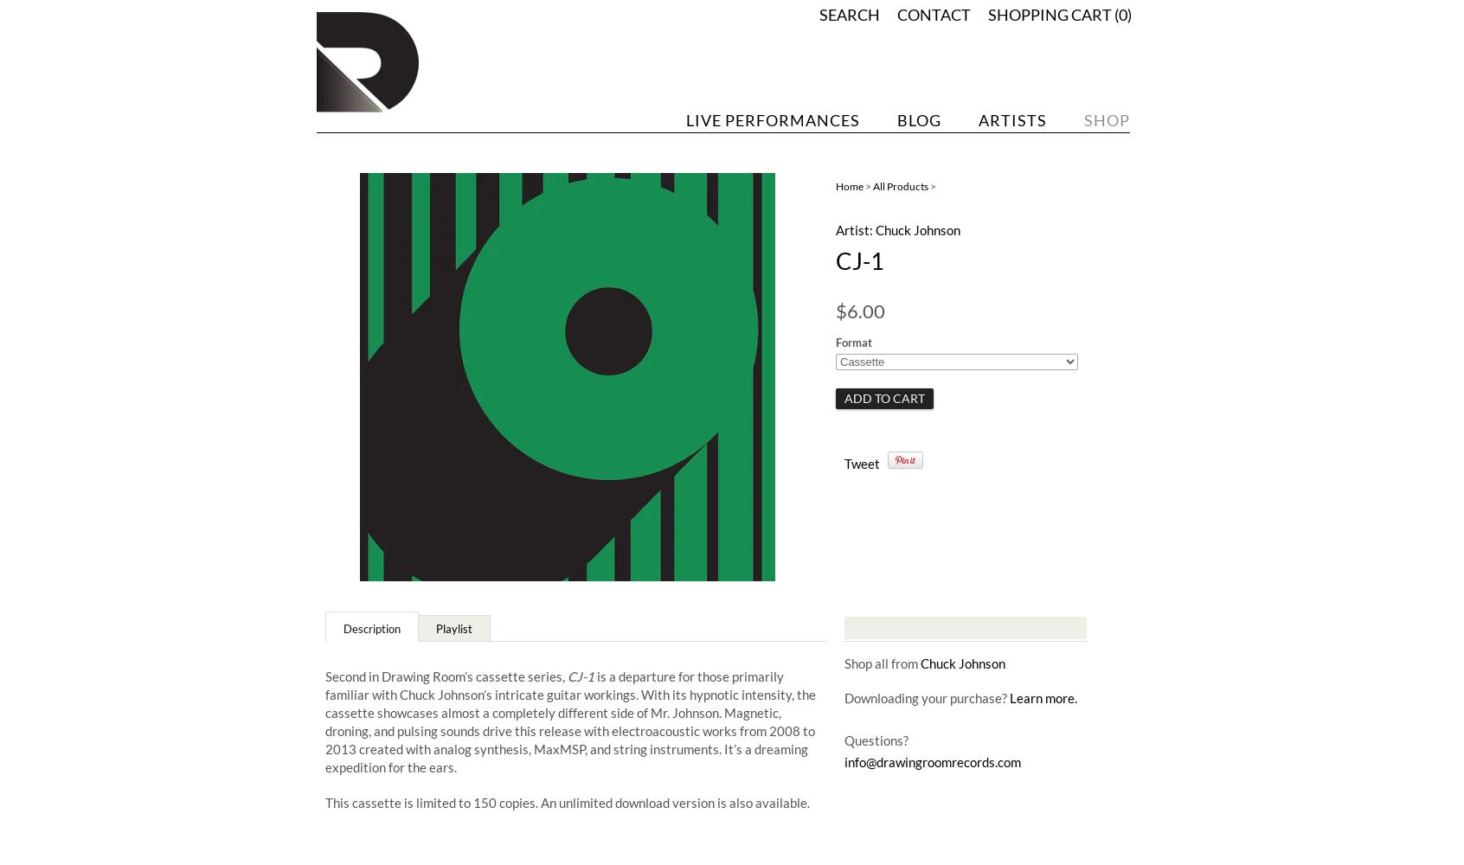 Image resolution: width=1464 pixels, height=865 pixels. What do you see at coordinates (1083, 120) in the screenshot?
I see `'Shop'` at bounding box center [1083, 120].